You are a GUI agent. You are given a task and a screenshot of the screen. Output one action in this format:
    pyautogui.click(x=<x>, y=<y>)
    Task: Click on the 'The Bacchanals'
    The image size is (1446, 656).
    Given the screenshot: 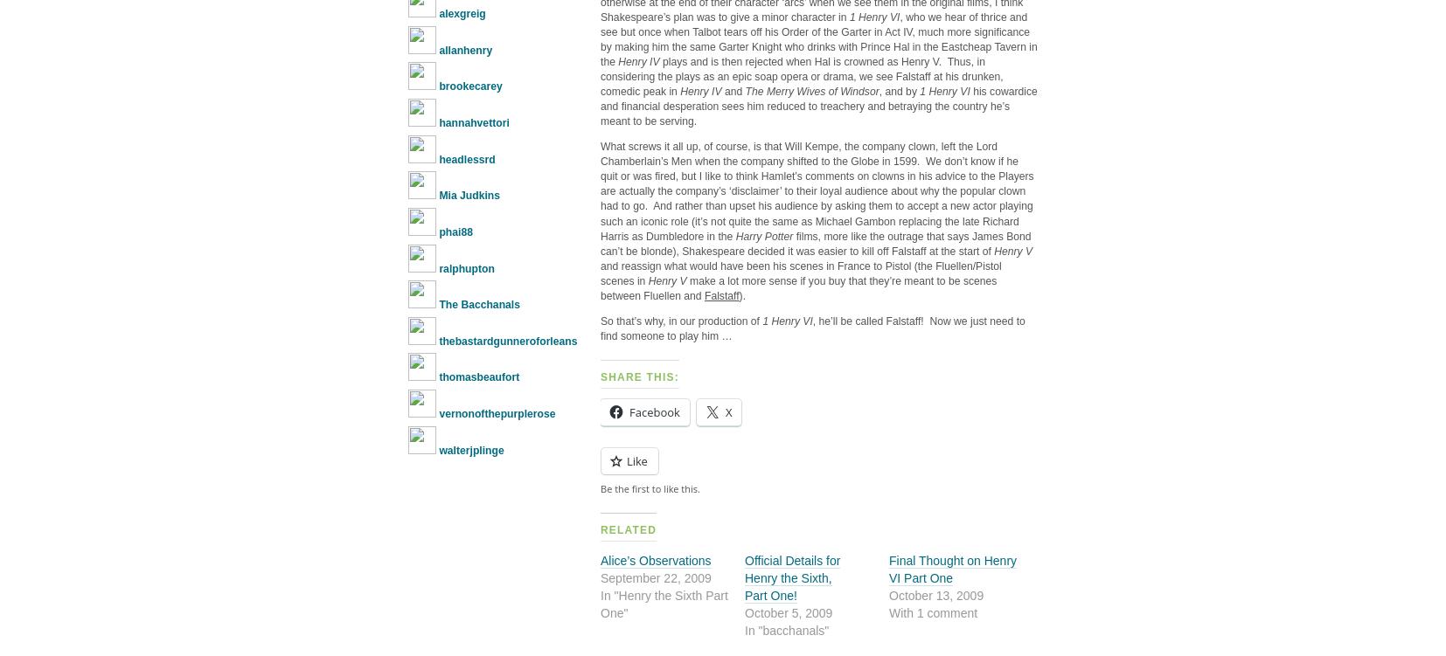 What is the action you would take?
    pyautogui.click(x=478, y=304)
    